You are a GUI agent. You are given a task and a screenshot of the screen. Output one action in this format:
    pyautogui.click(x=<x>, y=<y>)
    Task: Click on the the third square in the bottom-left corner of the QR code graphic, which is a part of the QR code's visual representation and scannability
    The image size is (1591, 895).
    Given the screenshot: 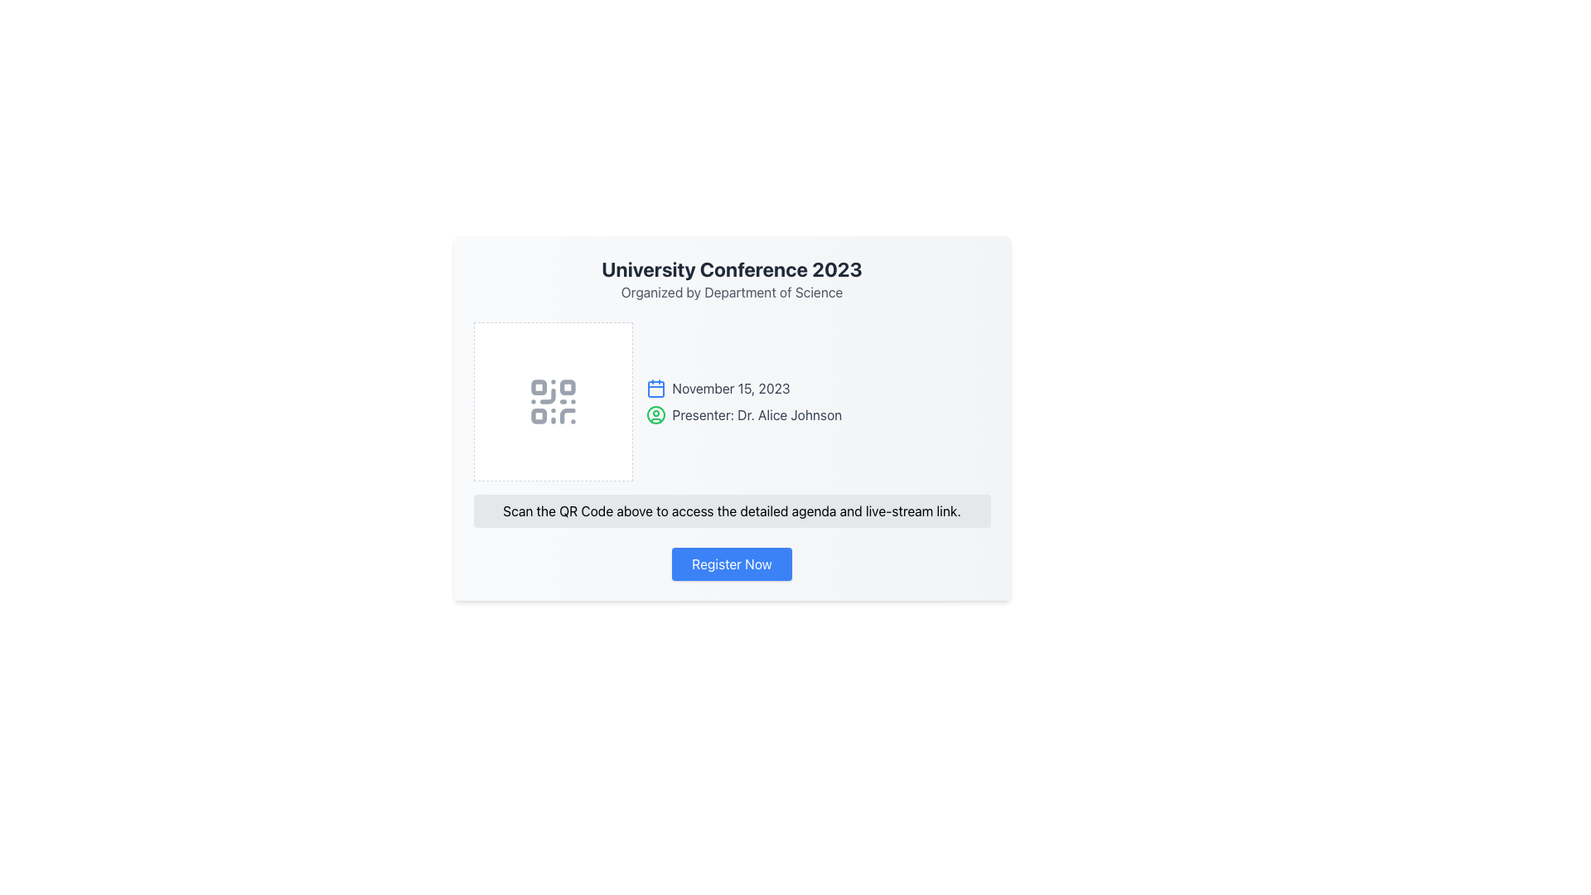 What is the action you would take?
    pyautogui.click(x=539, y=415)
    